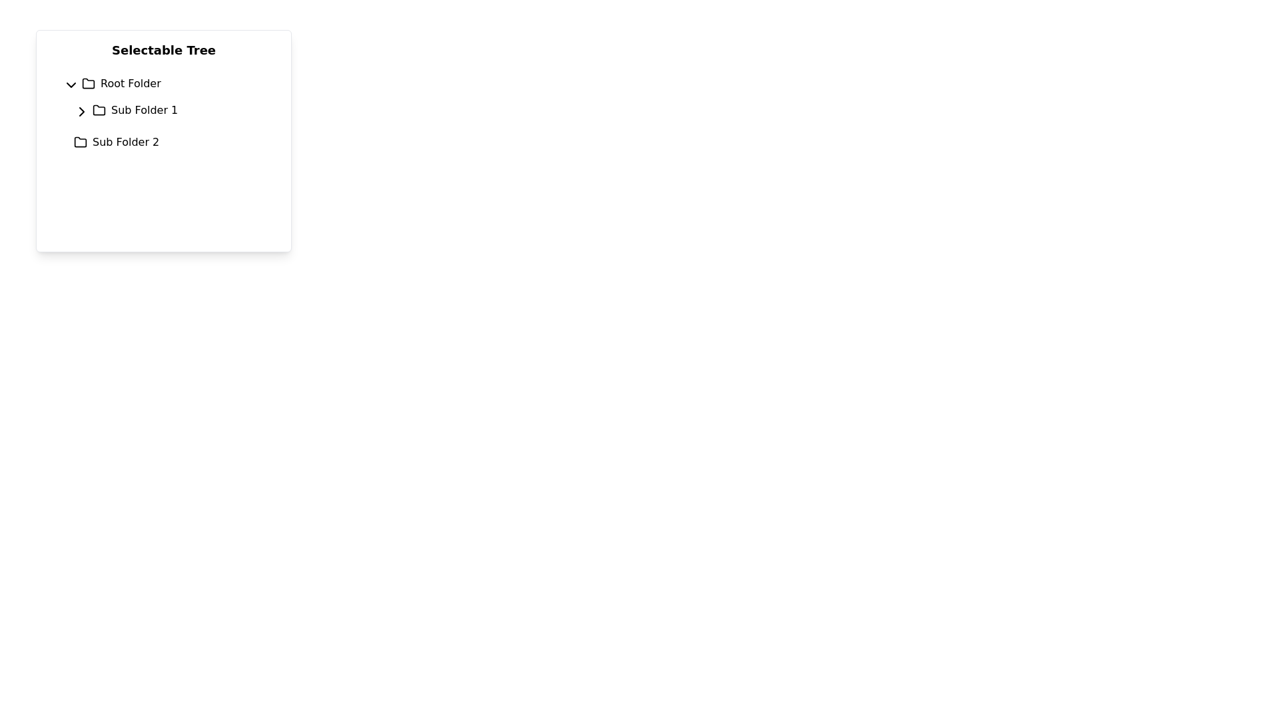  I want to click on the expand indicator icon located to the left of 'Sub Folder 1' in the tree structure, so click(81, 111).